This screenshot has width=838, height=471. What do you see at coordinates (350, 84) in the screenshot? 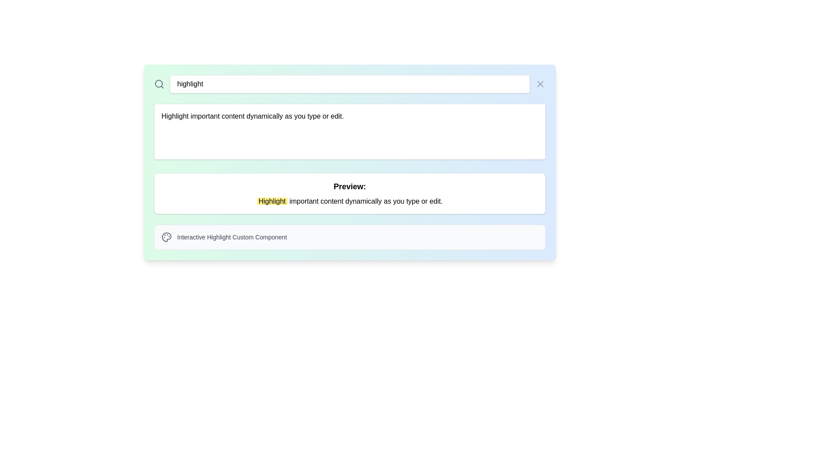
I see `to select the text content in the rectangular text input field with placeholder 'Type a keyword` at bounding box center [350, 84].